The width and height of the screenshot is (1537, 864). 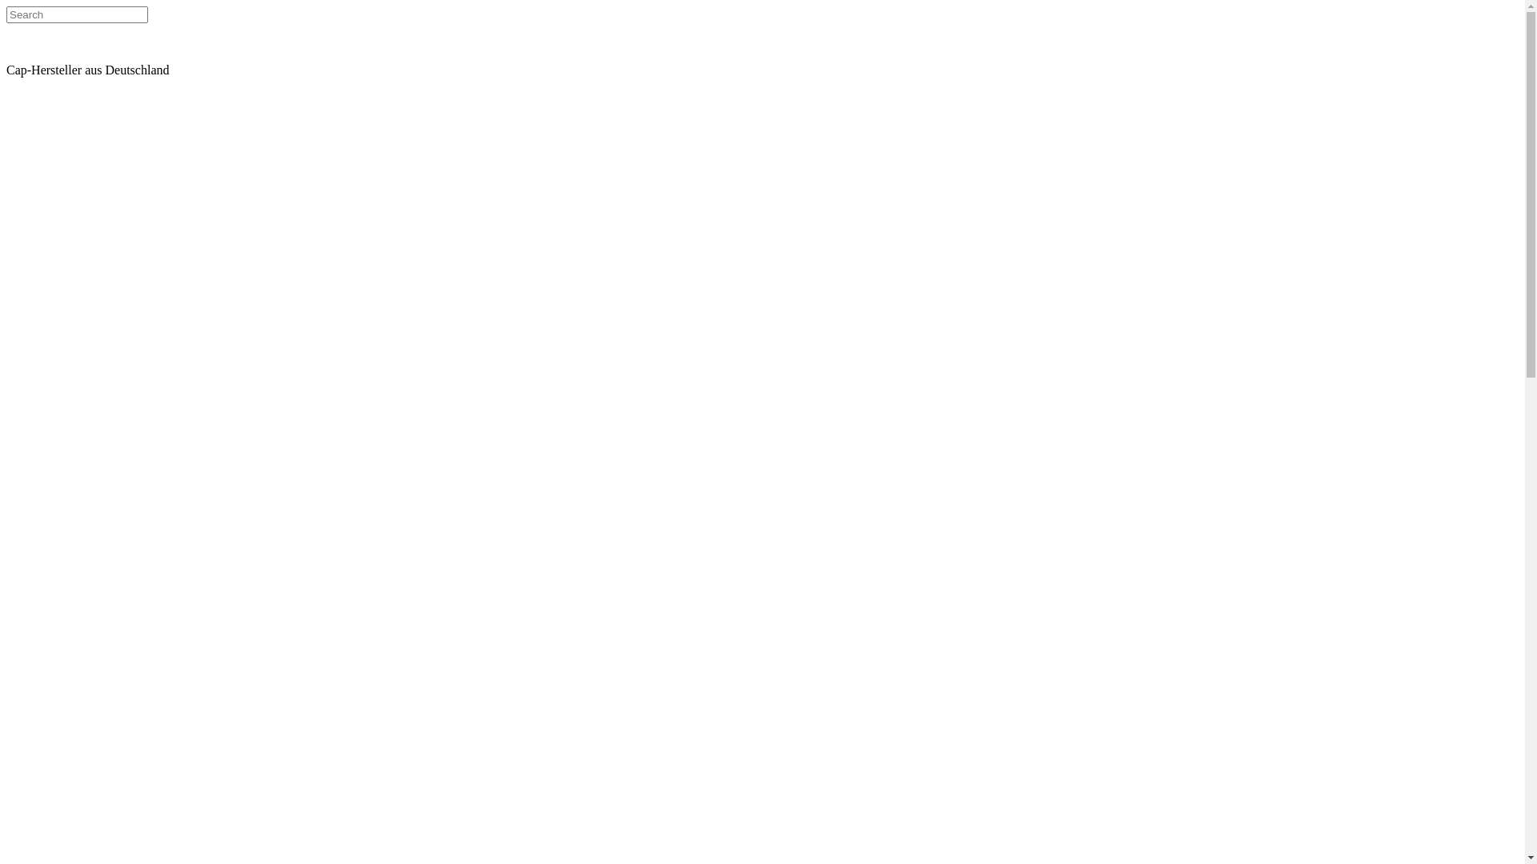 What do you see at coordinates (62, 54) in the screenshot?
I see `'indicap.cc'` at bounding box center [62, 54].